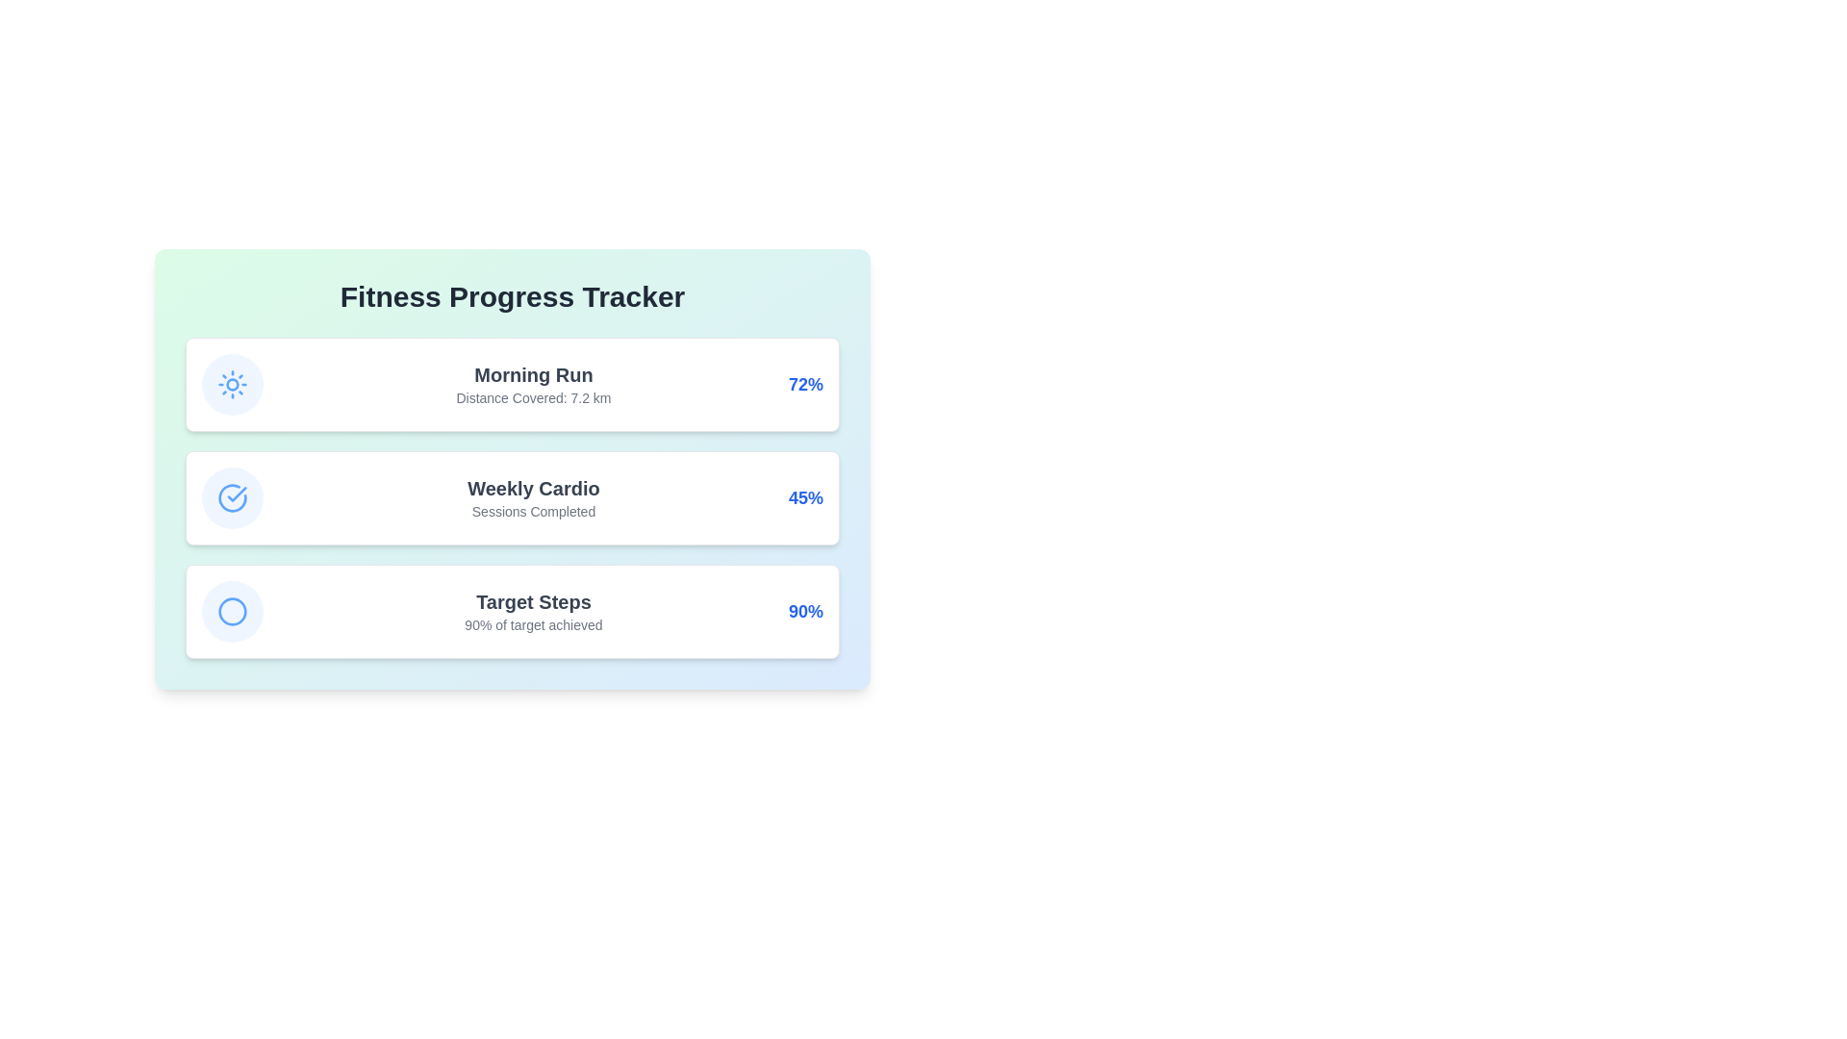 This screenshot has height=1039, width=1847. What do you see at coordinates (805, 385) in the screenshot?
I see `the text label displaying '72%' in bold, blue sans-serif font, located on the right side of the 'Morning Run' card in the 'Fitness Progress Tracker'` at bounding box center [805, 385].